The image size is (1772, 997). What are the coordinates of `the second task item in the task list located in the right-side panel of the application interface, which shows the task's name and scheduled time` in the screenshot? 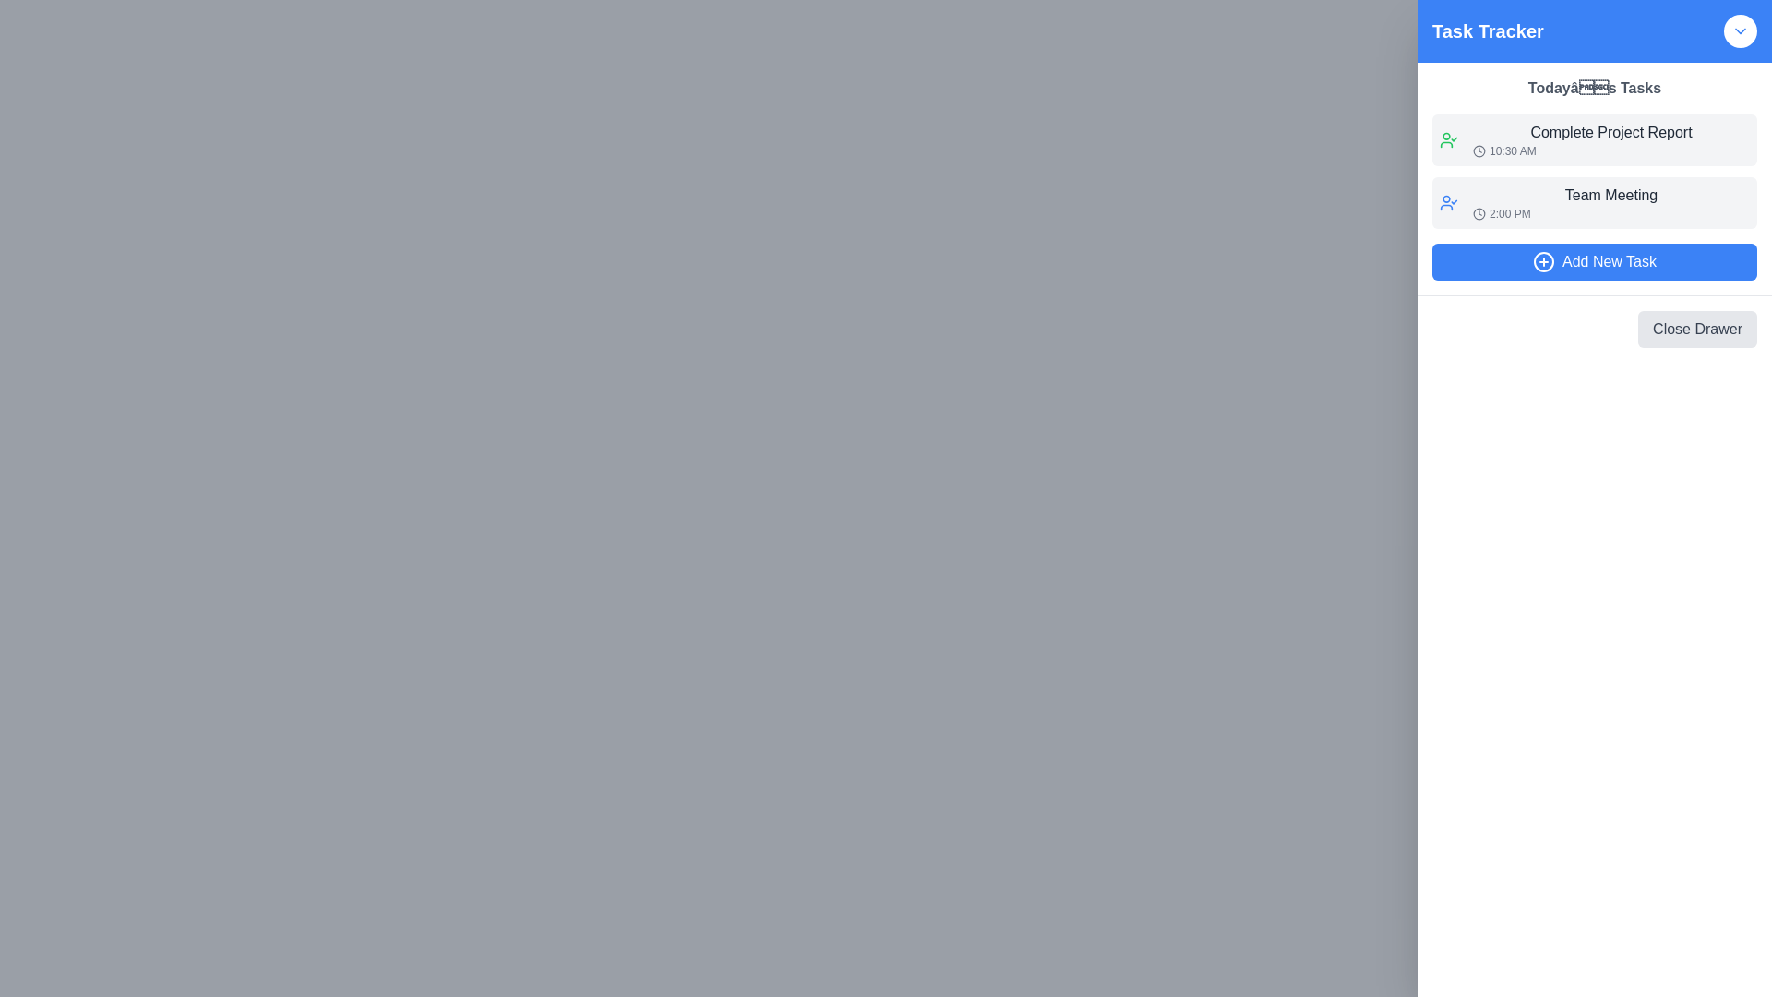 It's located at (1594, 202).